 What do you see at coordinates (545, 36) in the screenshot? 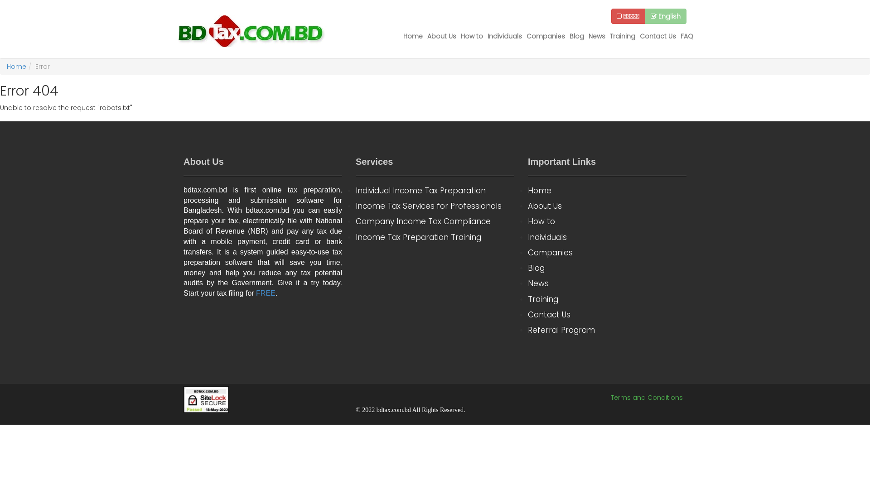
I see `'Companies'` at bounding box center [545, 36].